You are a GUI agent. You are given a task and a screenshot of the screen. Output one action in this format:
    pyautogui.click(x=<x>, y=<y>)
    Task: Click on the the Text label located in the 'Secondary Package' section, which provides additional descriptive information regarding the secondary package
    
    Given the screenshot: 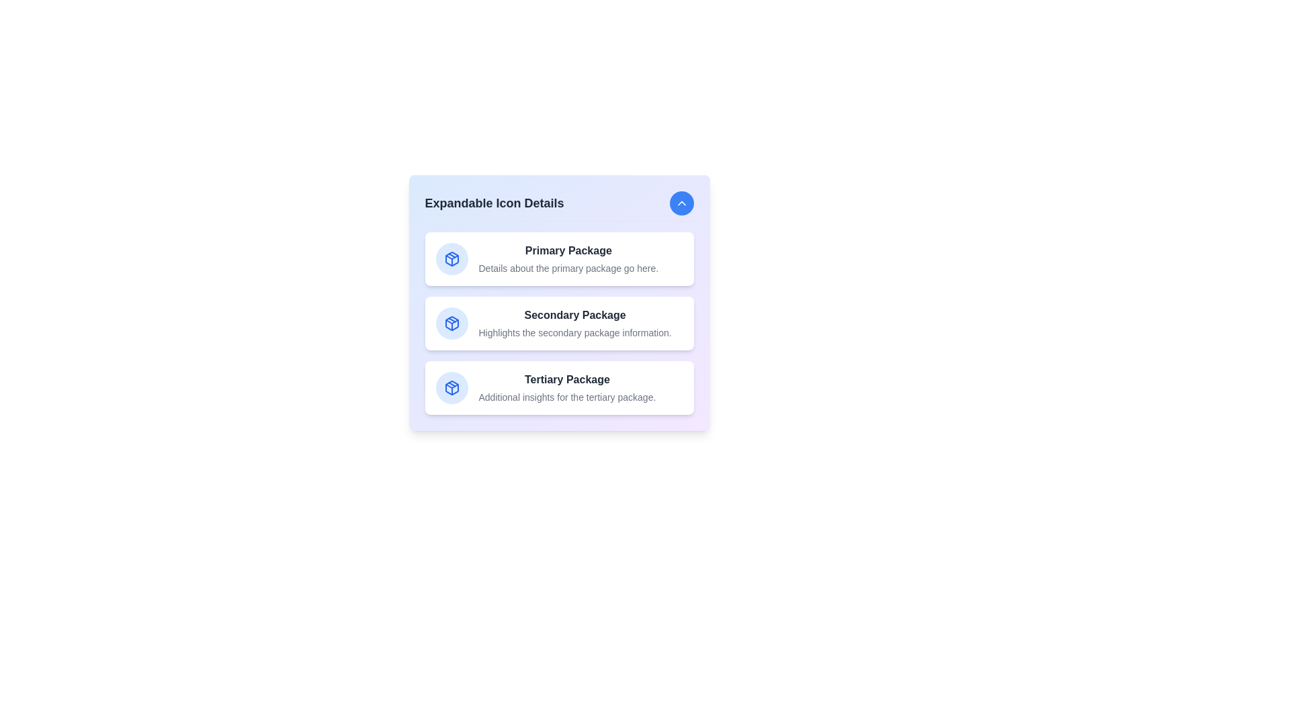 What is the action you would take?
    pyautogui.click(x=575, y=332)
    